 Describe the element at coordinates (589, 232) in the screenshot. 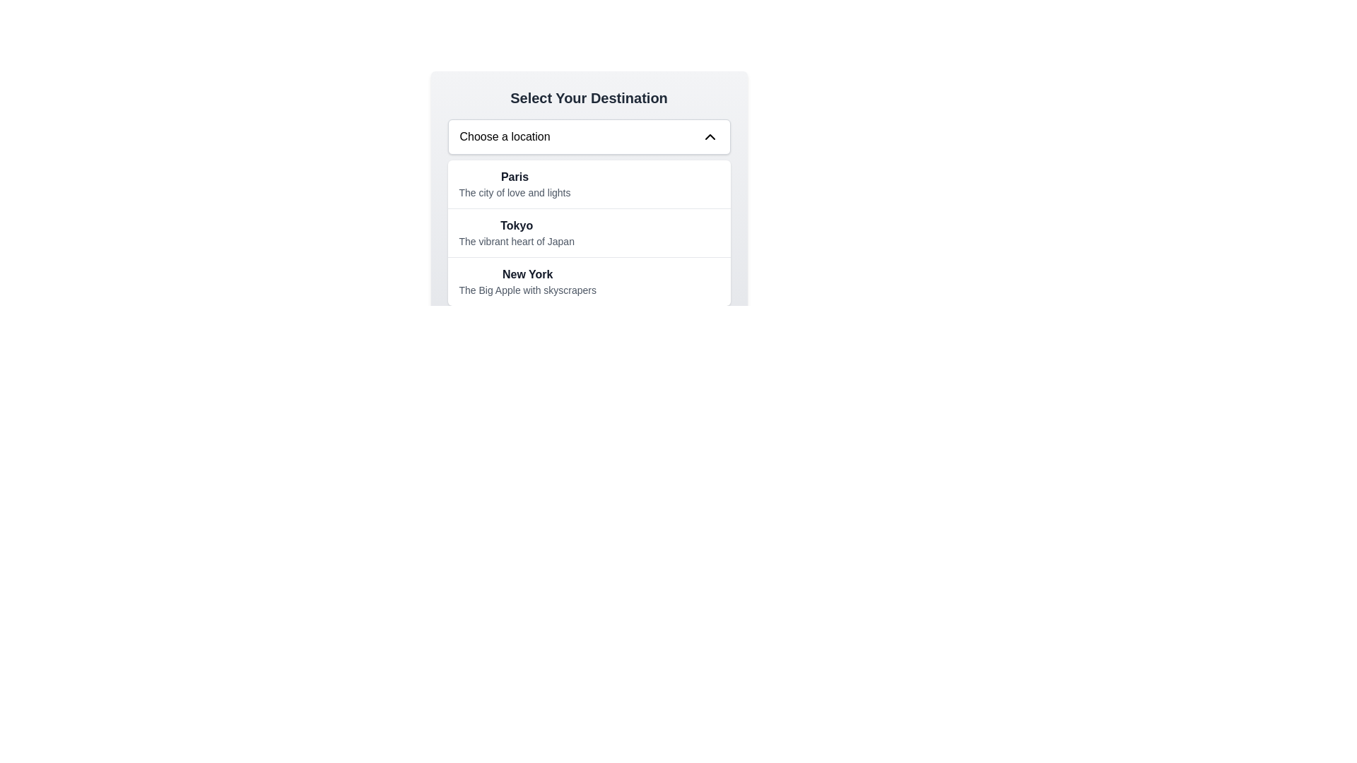

I see `the 'Tokyo' option in the dropdown menu, which is the second item listed under 'Choose a location', located between 'Paris' and 'New York'` at that location.